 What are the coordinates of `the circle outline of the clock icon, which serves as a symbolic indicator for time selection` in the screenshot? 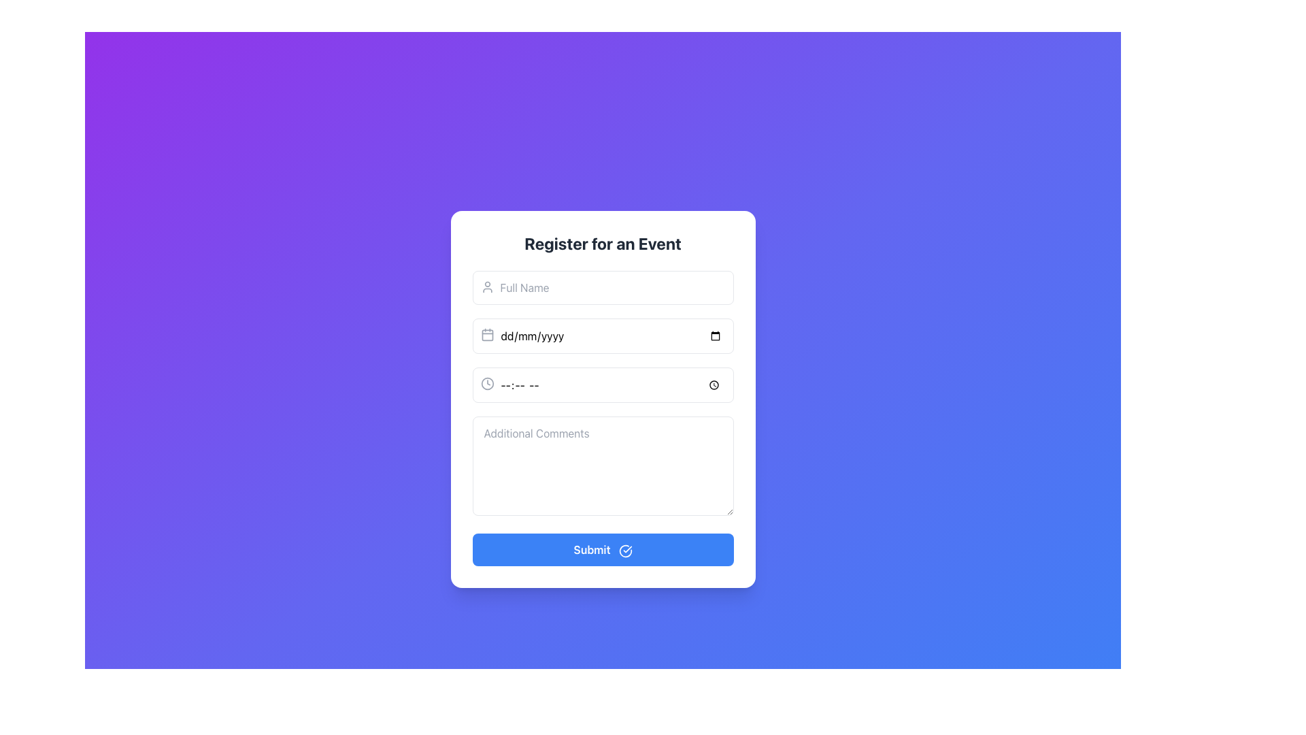 It's located at (487, 383).